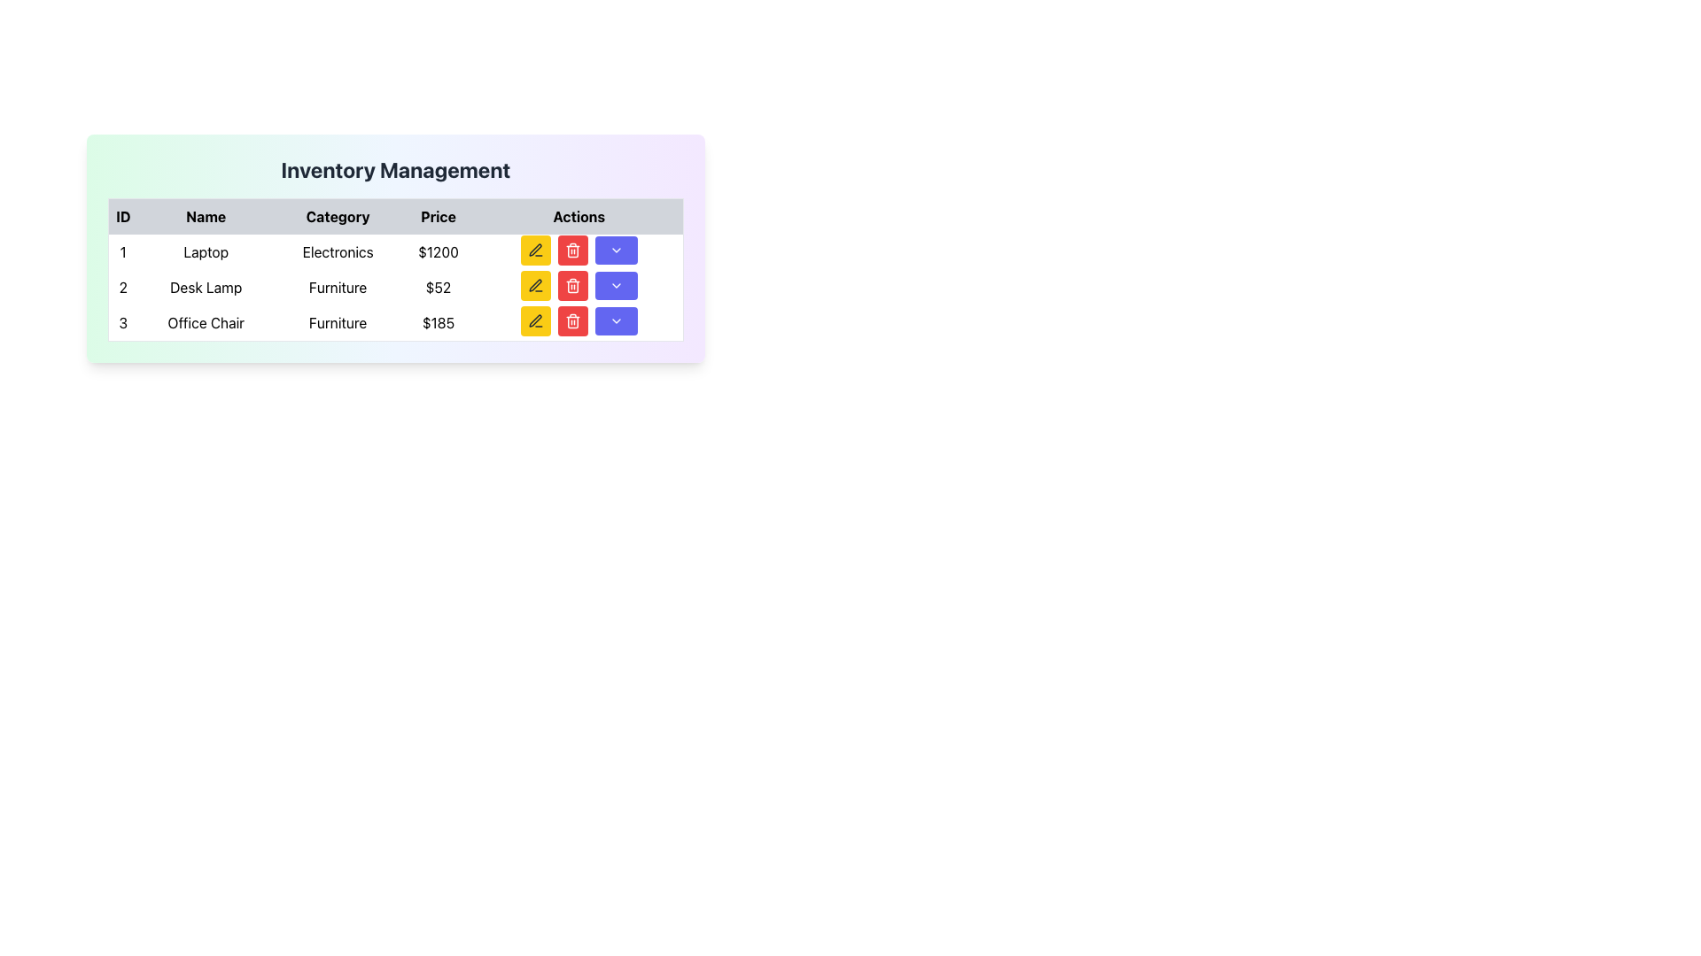  I want to click on the yellow square-shaped button with a pen icon in the 'Actions' column of the last row in the 'Inventory Management' table, so click(534, 320).